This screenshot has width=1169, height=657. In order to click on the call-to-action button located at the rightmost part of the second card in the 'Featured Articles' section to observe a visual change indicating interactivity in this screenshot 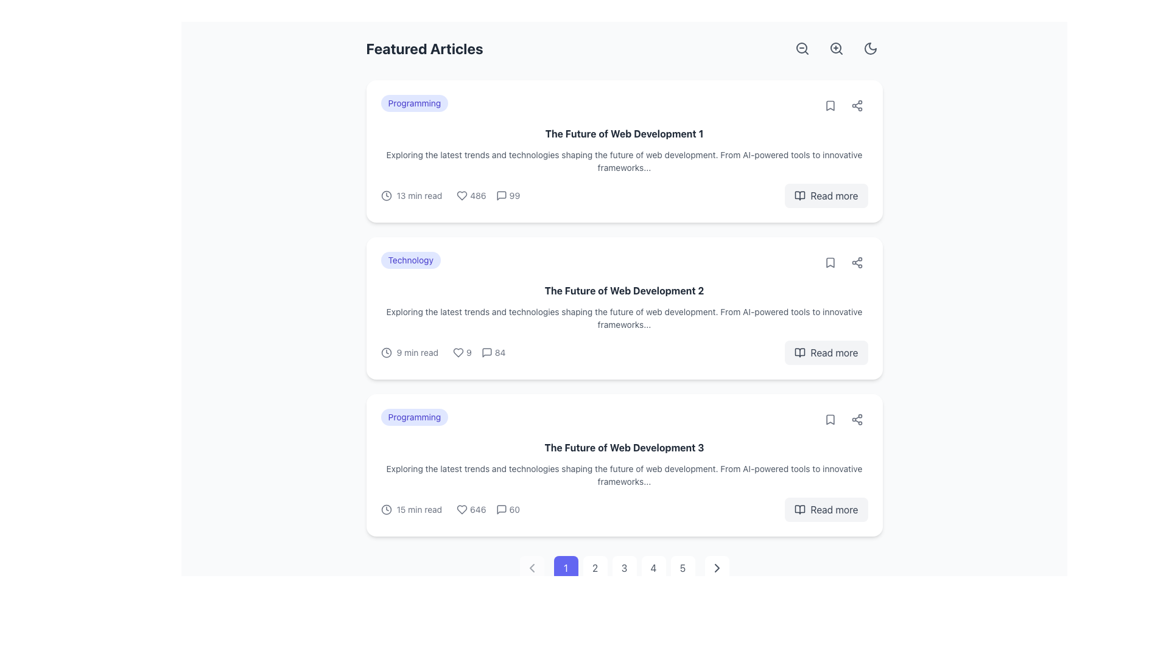, I will do `click(826, 352)`.